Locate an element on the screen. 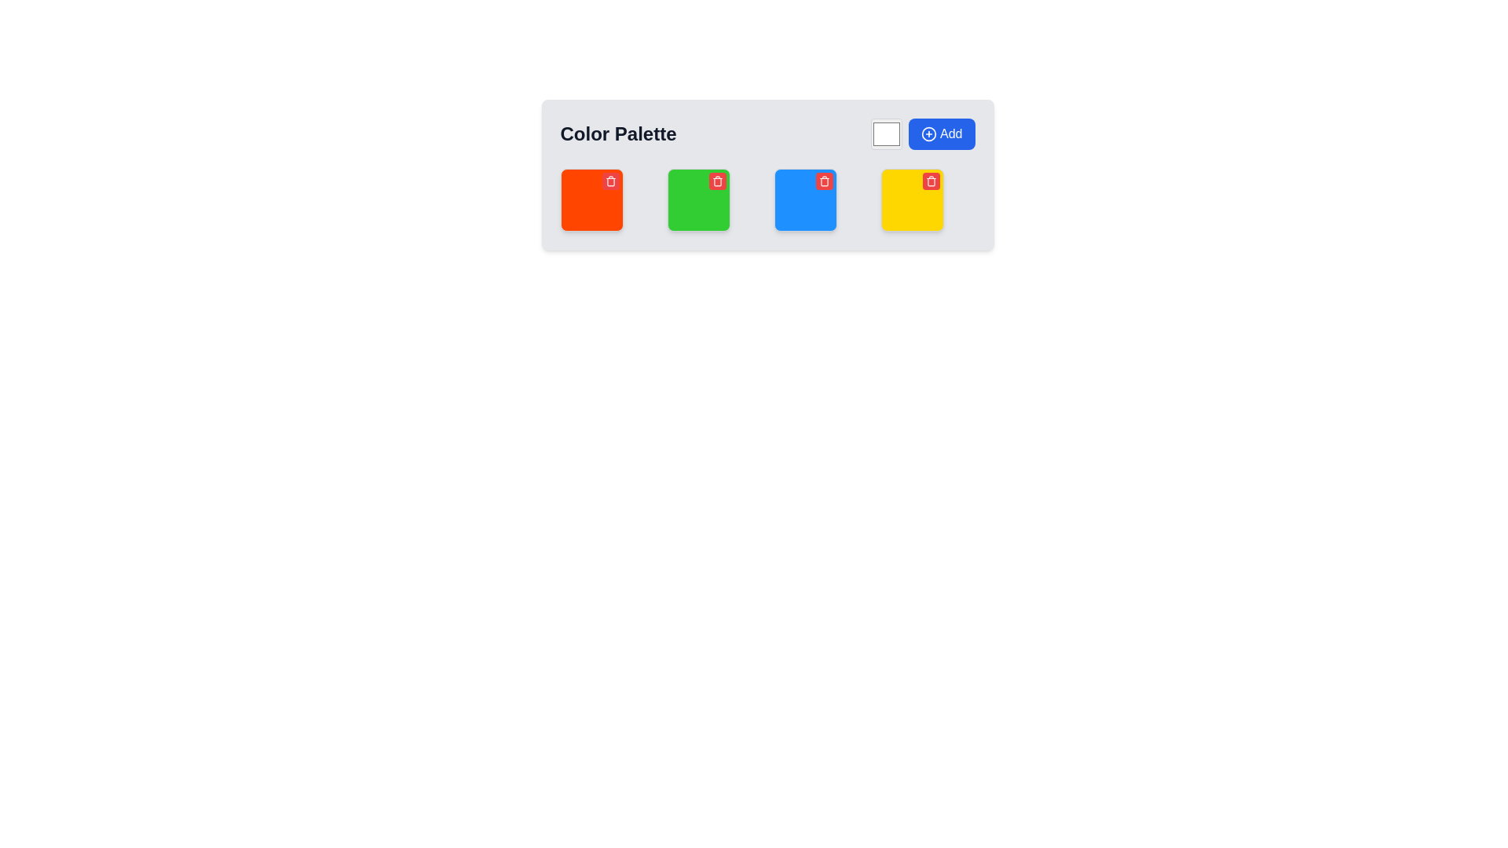 The image size is (1508, 848). the trash can icon button with a red background located at the top-right corner of the yellow square block is located at coordinates (931, 181).